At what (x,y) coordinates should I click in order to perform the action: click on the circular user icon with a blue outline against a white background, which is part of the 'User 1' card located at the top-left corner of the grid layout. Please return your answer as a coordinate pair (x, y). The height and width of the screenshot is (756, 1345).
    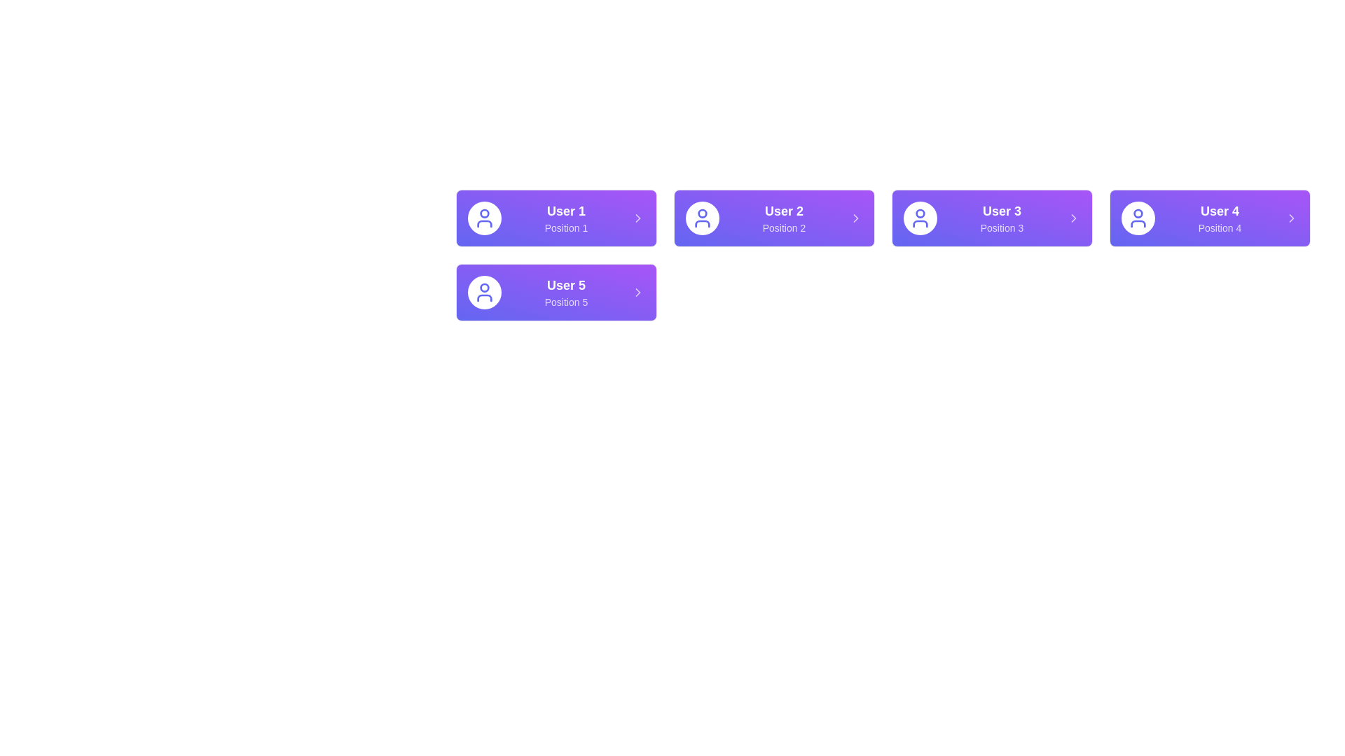
    Looking at the image, I should click on (484, 218).